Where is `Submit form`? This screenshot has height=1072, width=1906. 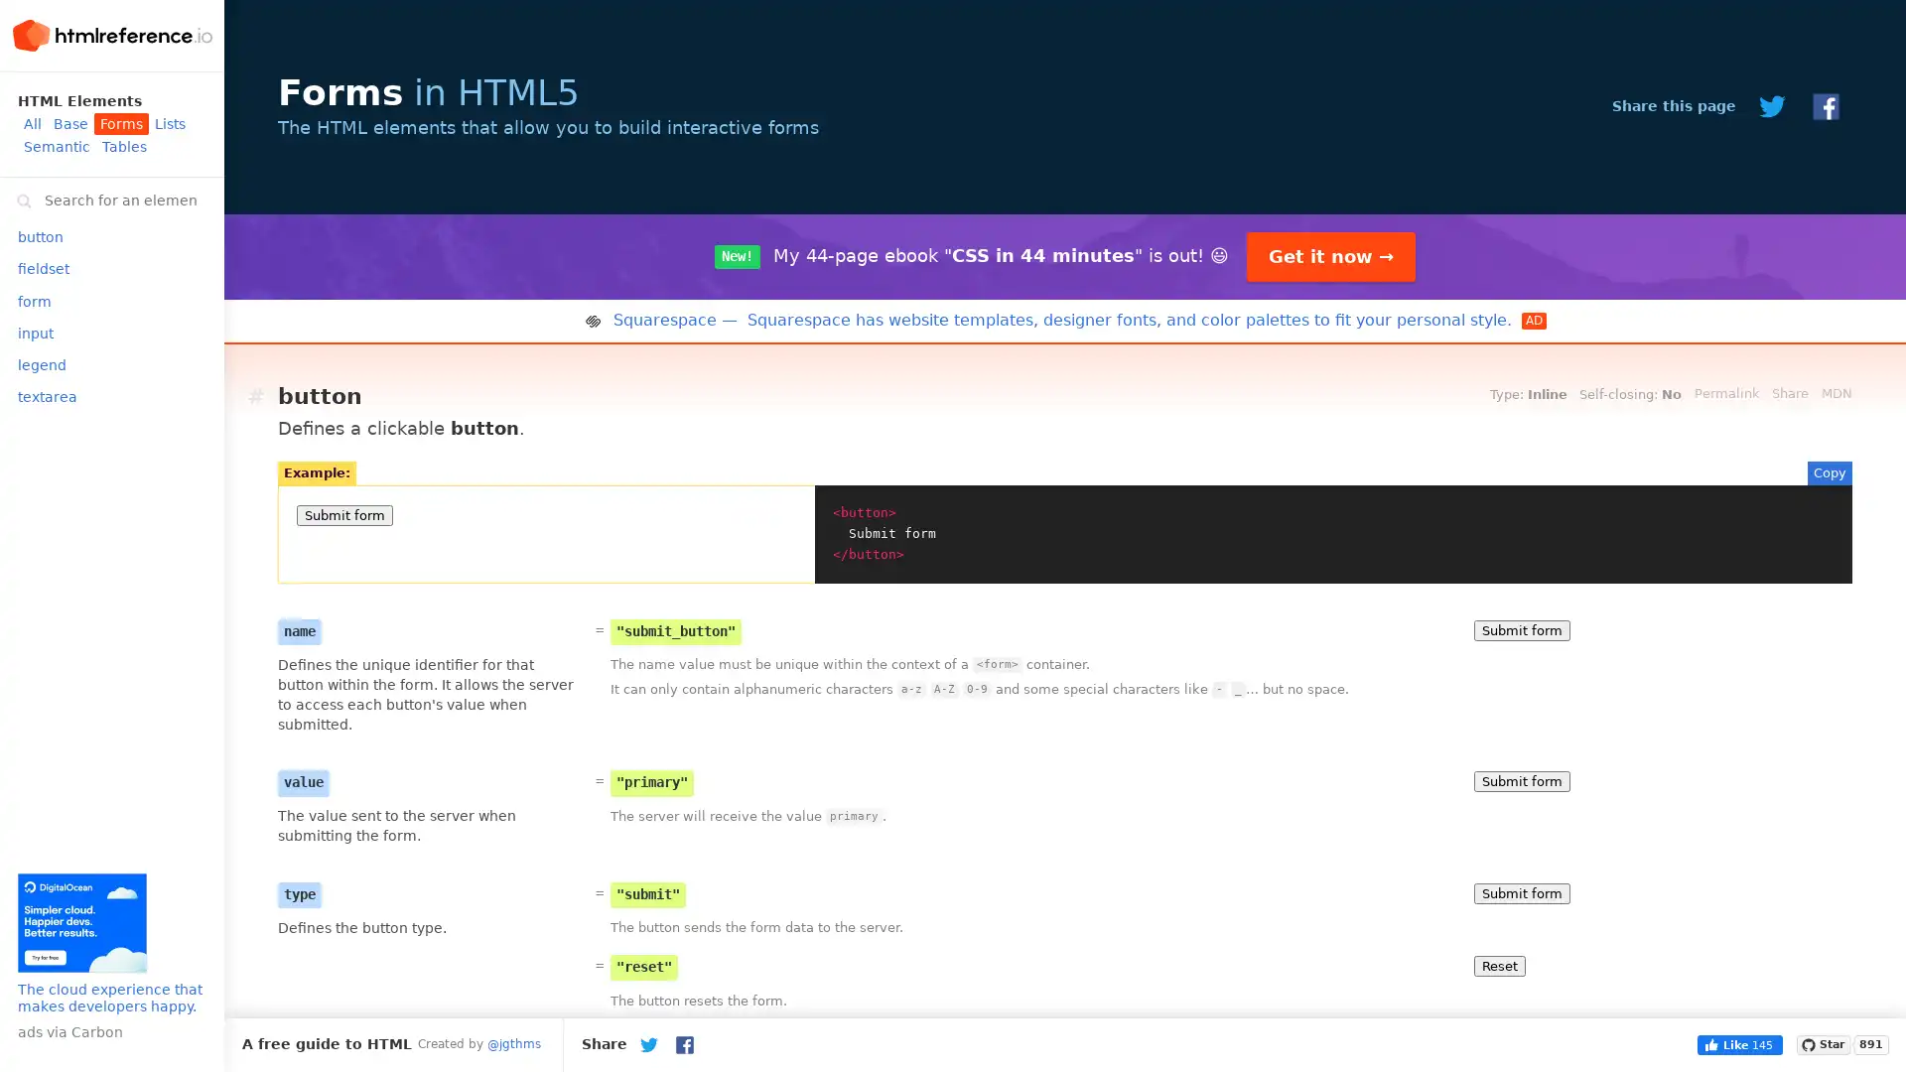
Submit form is located at coordinates (344, 514).